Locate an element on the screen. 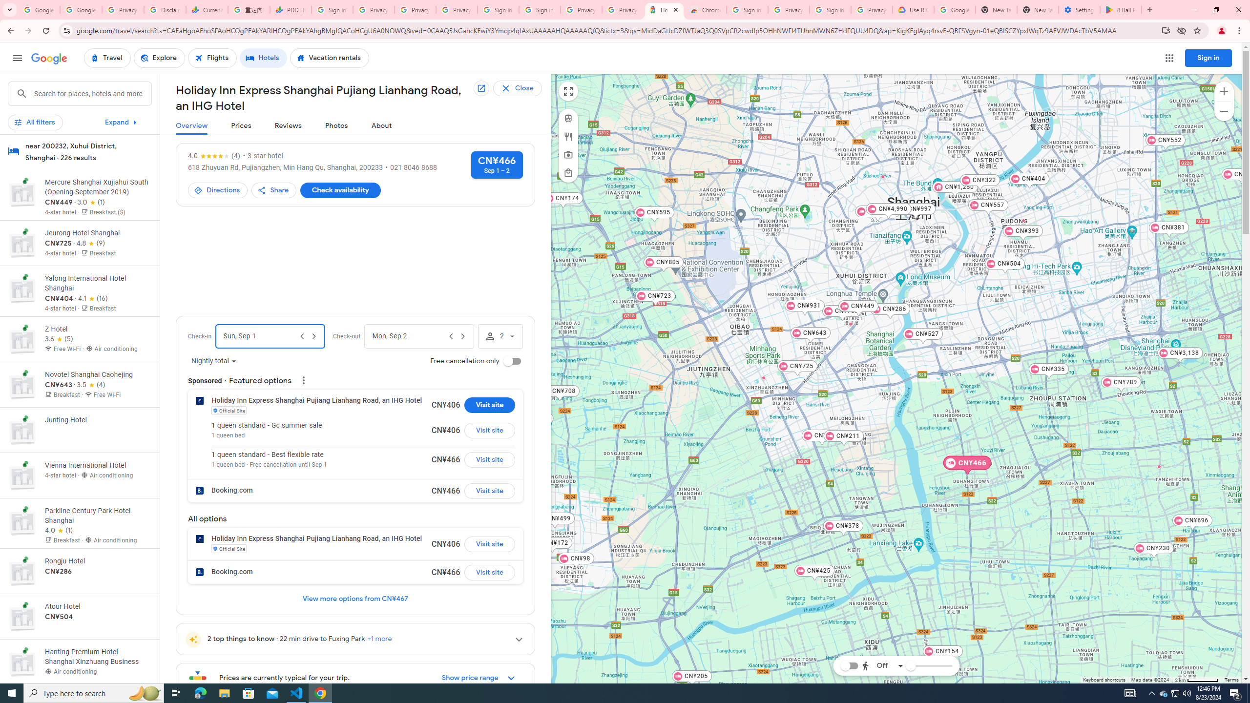 The height and width of the screenshot is (703, 1250). 'Hotels' is located at coordinates (263, 58).